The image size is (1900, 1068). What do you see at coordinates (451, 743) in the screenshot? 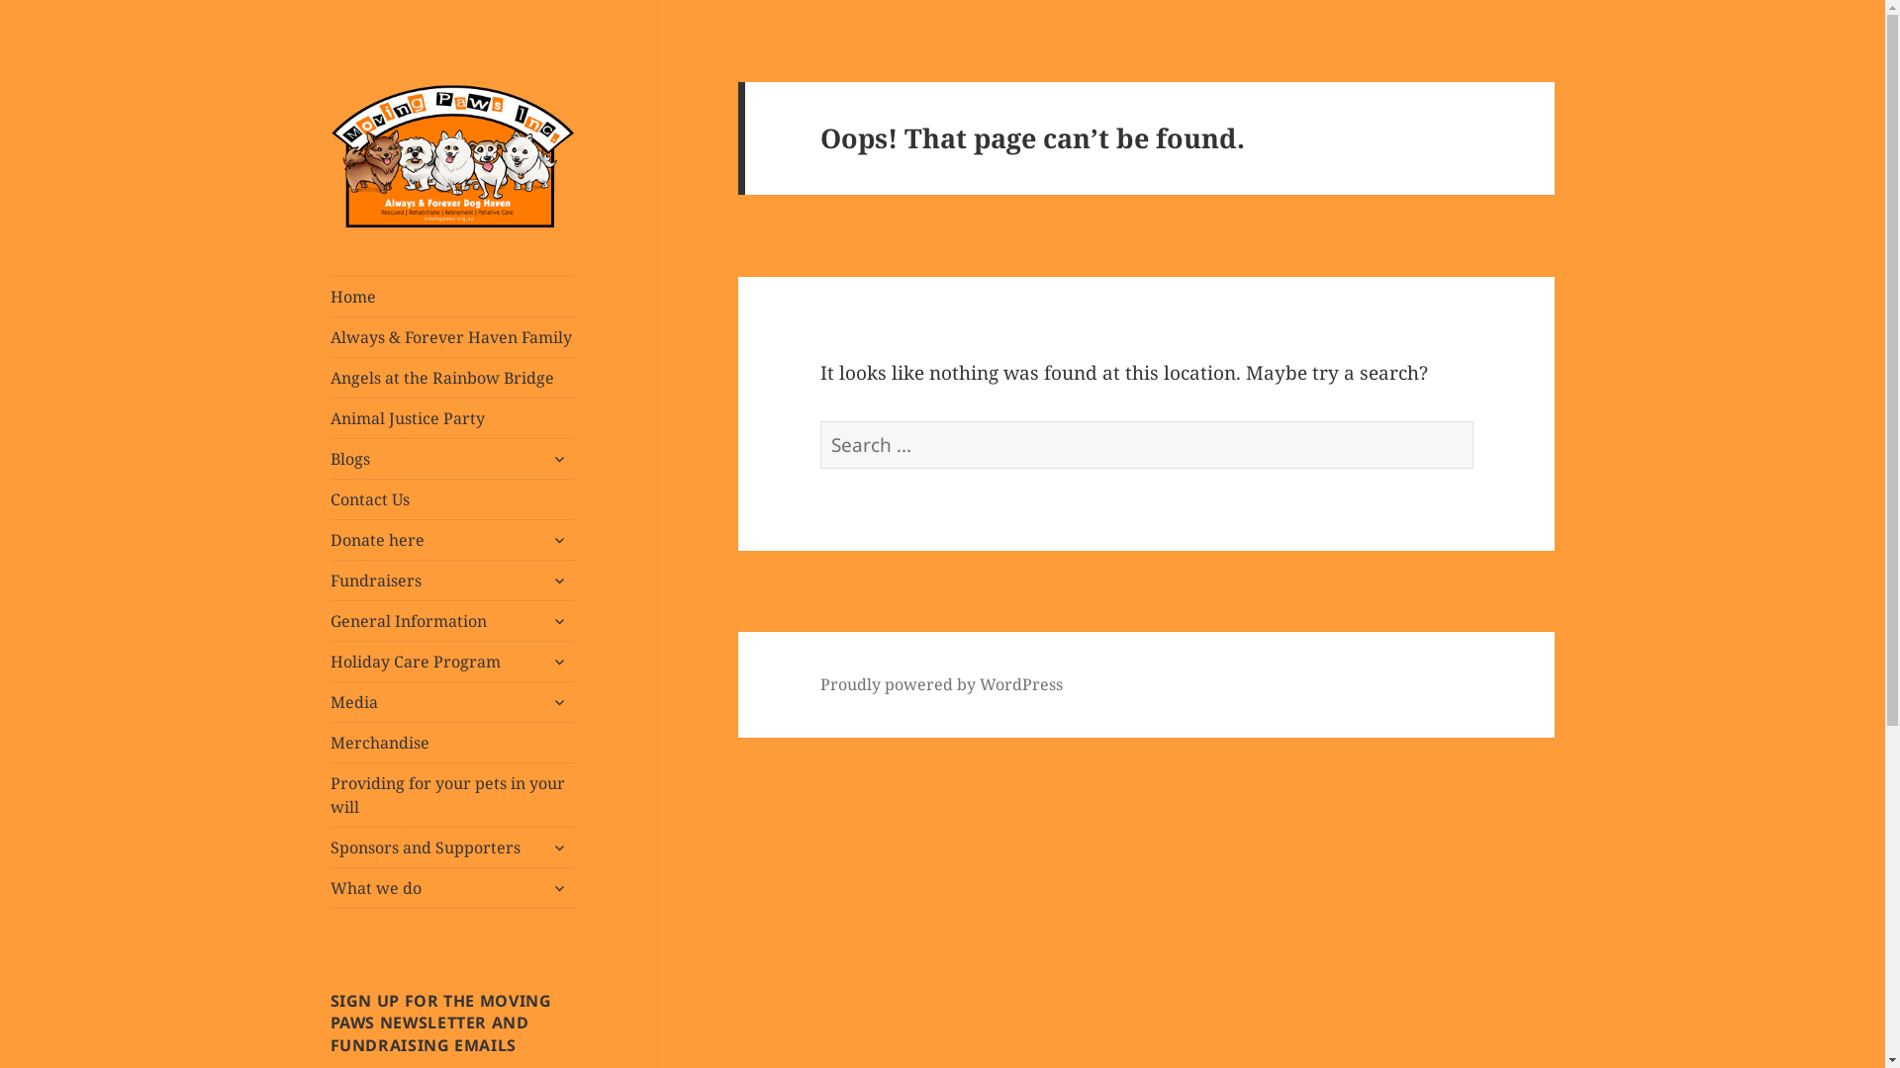
I see `'Merchandise'` at bounding box center [451, 743].